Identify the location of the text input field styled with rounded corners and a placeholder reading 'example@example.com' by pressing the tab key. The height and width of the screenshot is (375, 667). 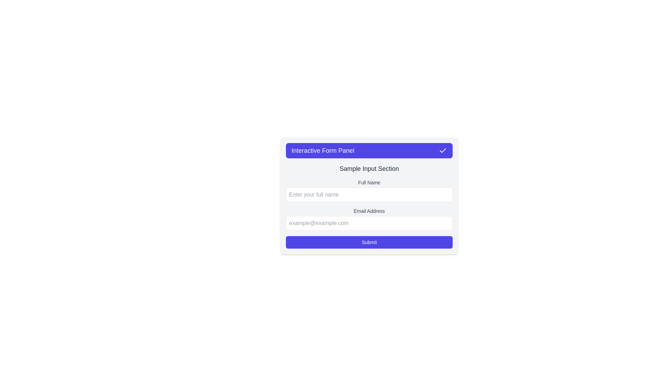
(369, 223).